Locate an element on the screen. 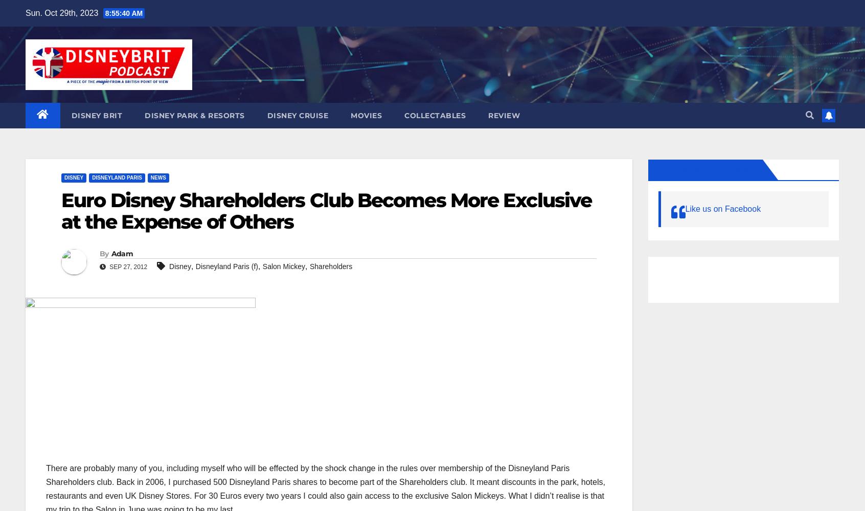 This screenshot has height=511, width=865. 'Shareholders' is located at coordinates (331, 265).